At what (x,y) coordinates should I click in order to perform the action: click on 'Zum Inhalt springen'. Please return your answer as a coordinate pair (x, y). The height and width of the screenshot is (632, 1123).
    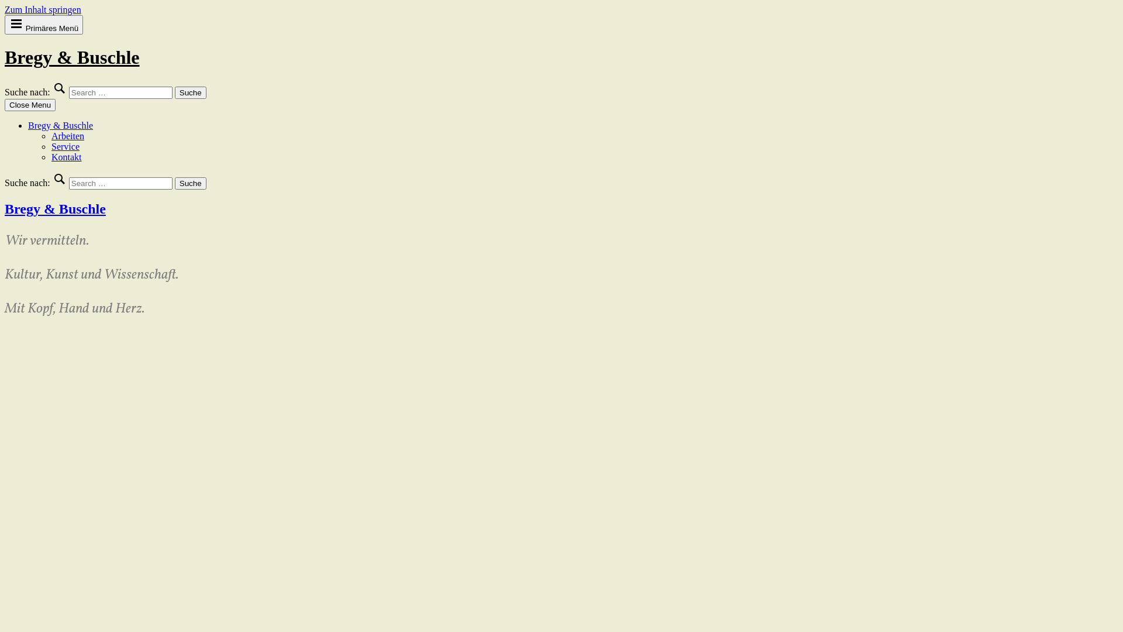
    Looking at the image, I should click on (5, 9).